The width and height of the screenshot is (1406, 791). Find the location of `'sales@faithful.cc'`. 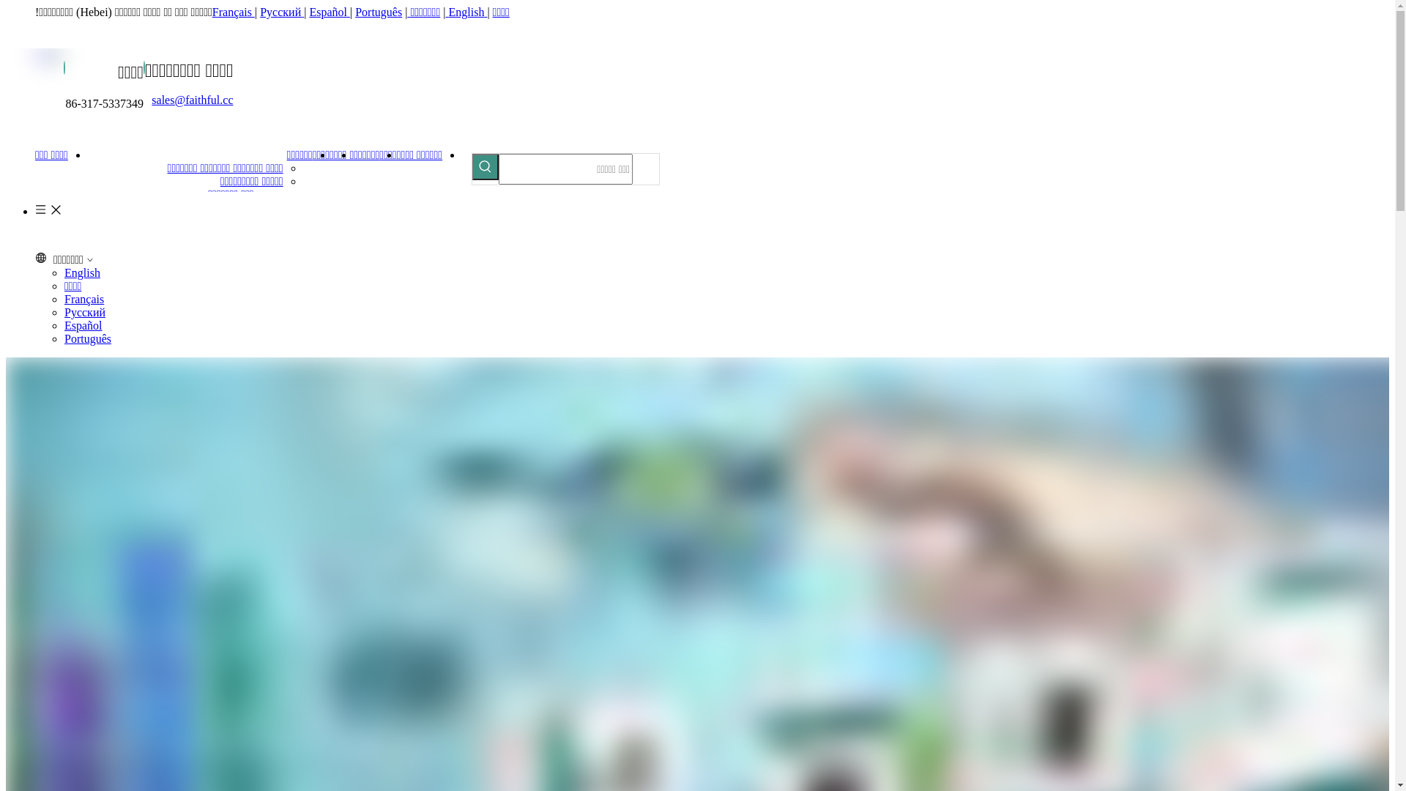

'sales@faithful.cc' is located at coordinates (191, 99).